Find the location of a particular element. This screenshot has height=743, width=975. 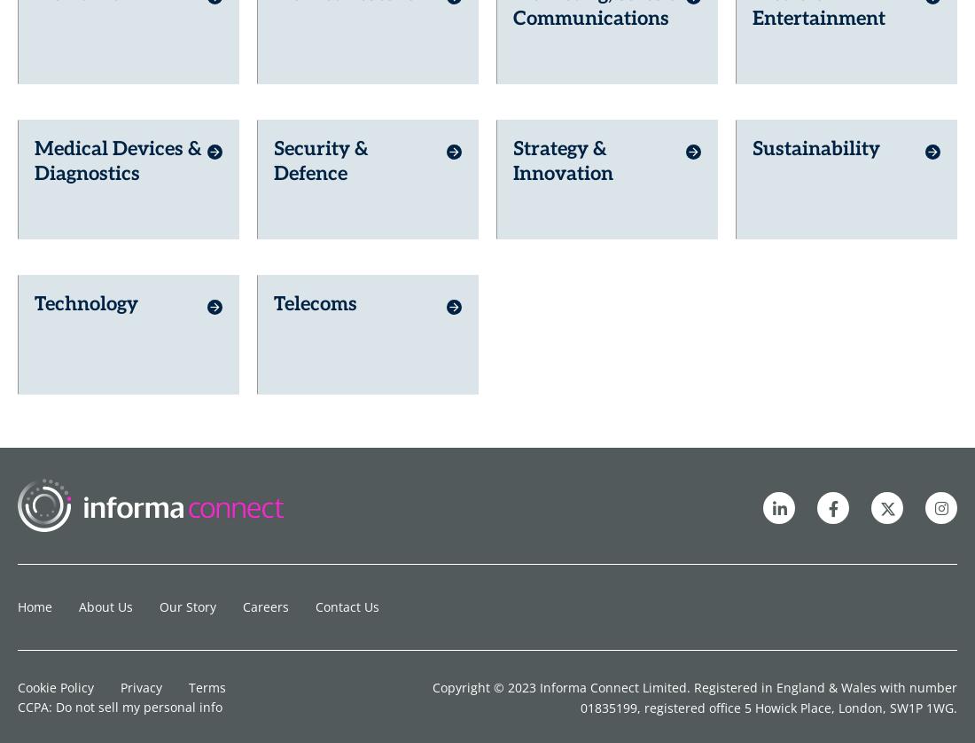

'Careers' is located at coordinates (243, 402).